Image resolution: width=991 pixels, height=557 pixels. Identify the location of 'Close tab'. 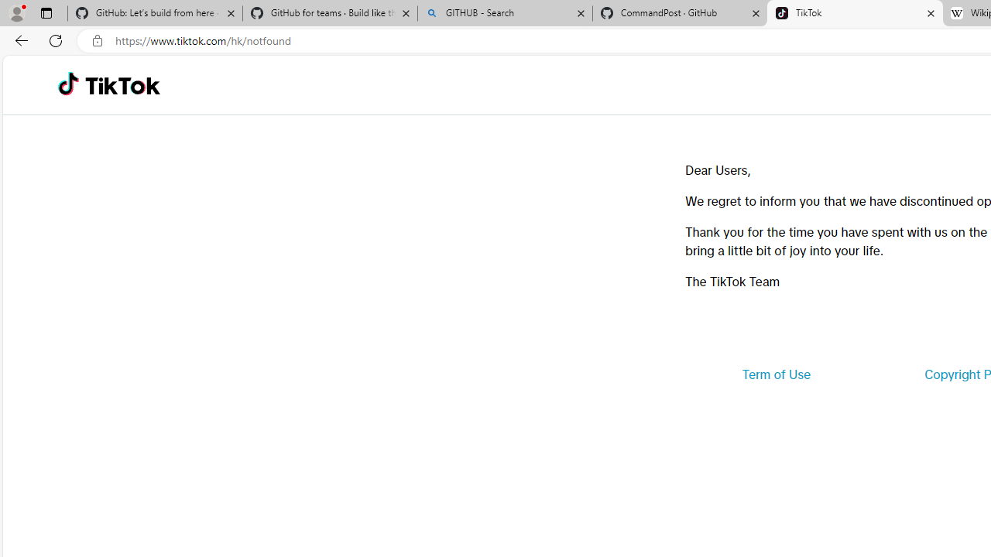
(930, 13).